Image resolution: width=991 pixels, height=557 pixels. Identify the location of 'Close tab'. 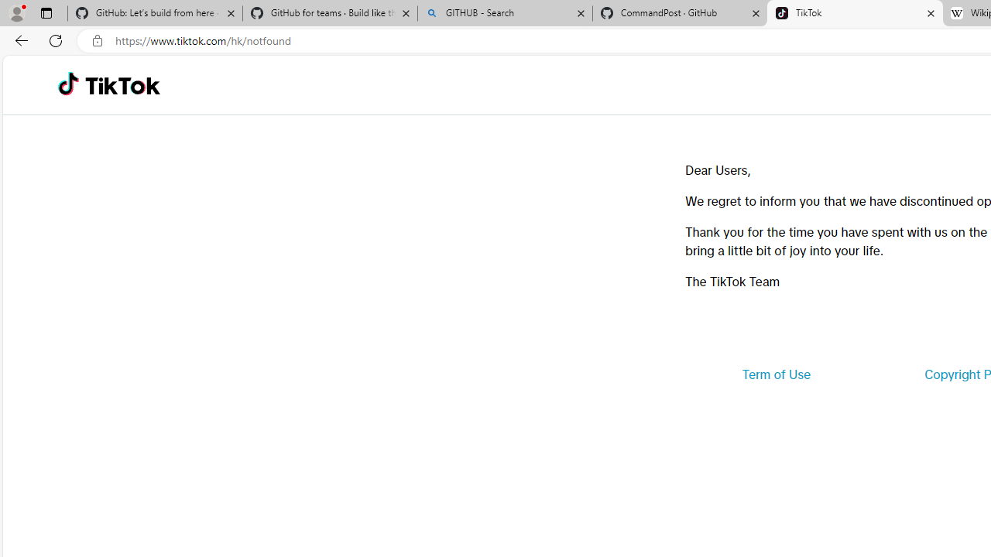
(930, 13).